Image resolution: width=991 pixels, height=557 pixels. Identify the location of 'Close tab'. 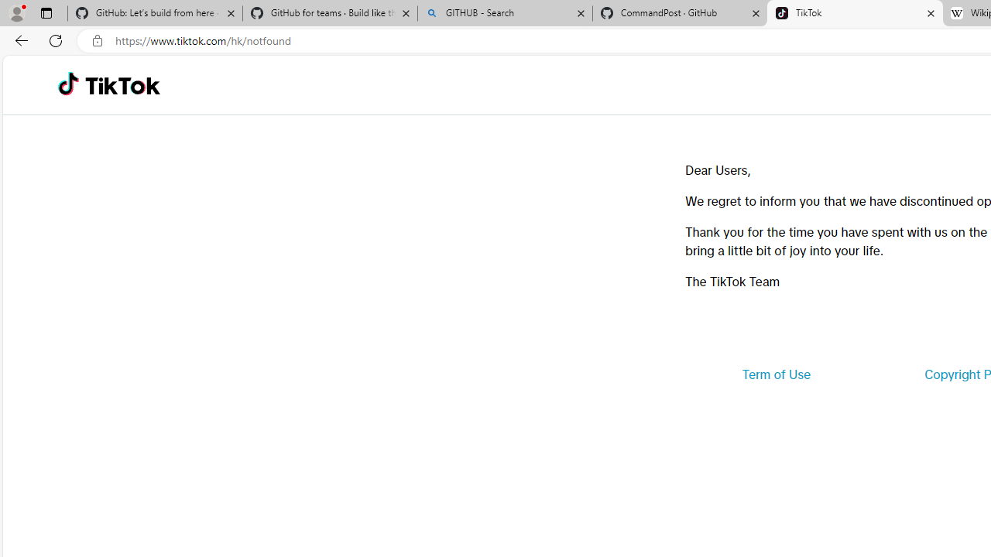
(930, 13).